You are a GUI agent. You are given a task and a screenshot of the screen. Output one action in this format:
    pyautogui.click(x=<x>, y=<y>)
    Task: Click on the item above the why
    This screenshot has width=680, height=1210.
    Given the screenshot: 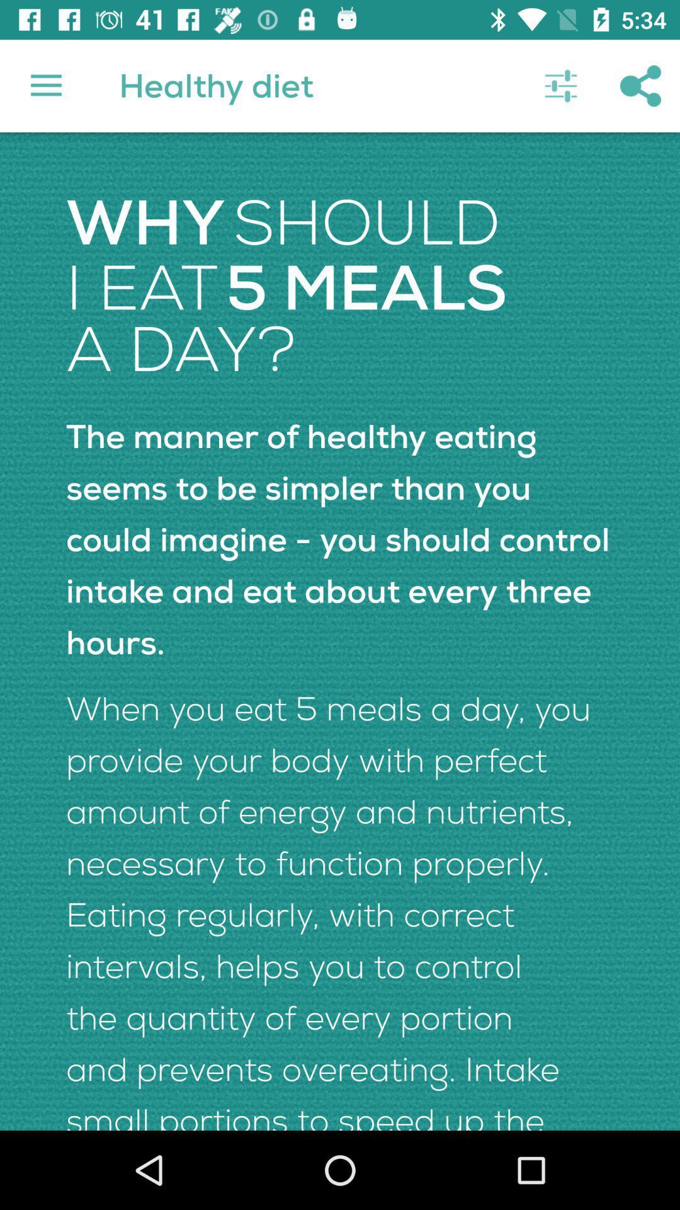 What is the action you would take?
    pyautogui.click(x=45, y=85)
    